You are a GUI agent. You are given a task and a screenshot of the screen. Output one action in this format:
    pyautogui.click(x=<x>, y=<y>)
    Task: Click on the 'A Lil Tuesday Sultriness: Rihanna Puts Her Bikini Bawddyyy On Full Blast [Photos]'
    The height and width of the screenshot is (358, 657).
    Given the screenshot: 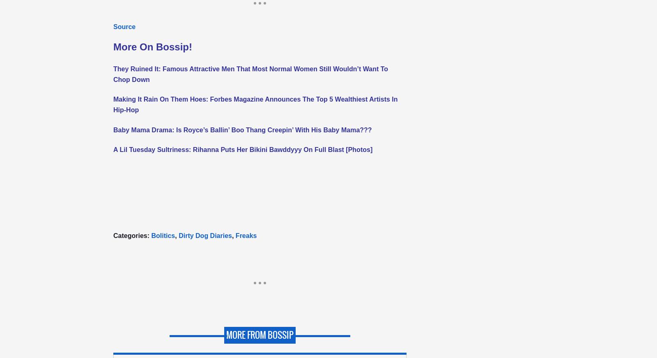 What is the action you would take?
    pyautogui.click(x=242, y=150)
    